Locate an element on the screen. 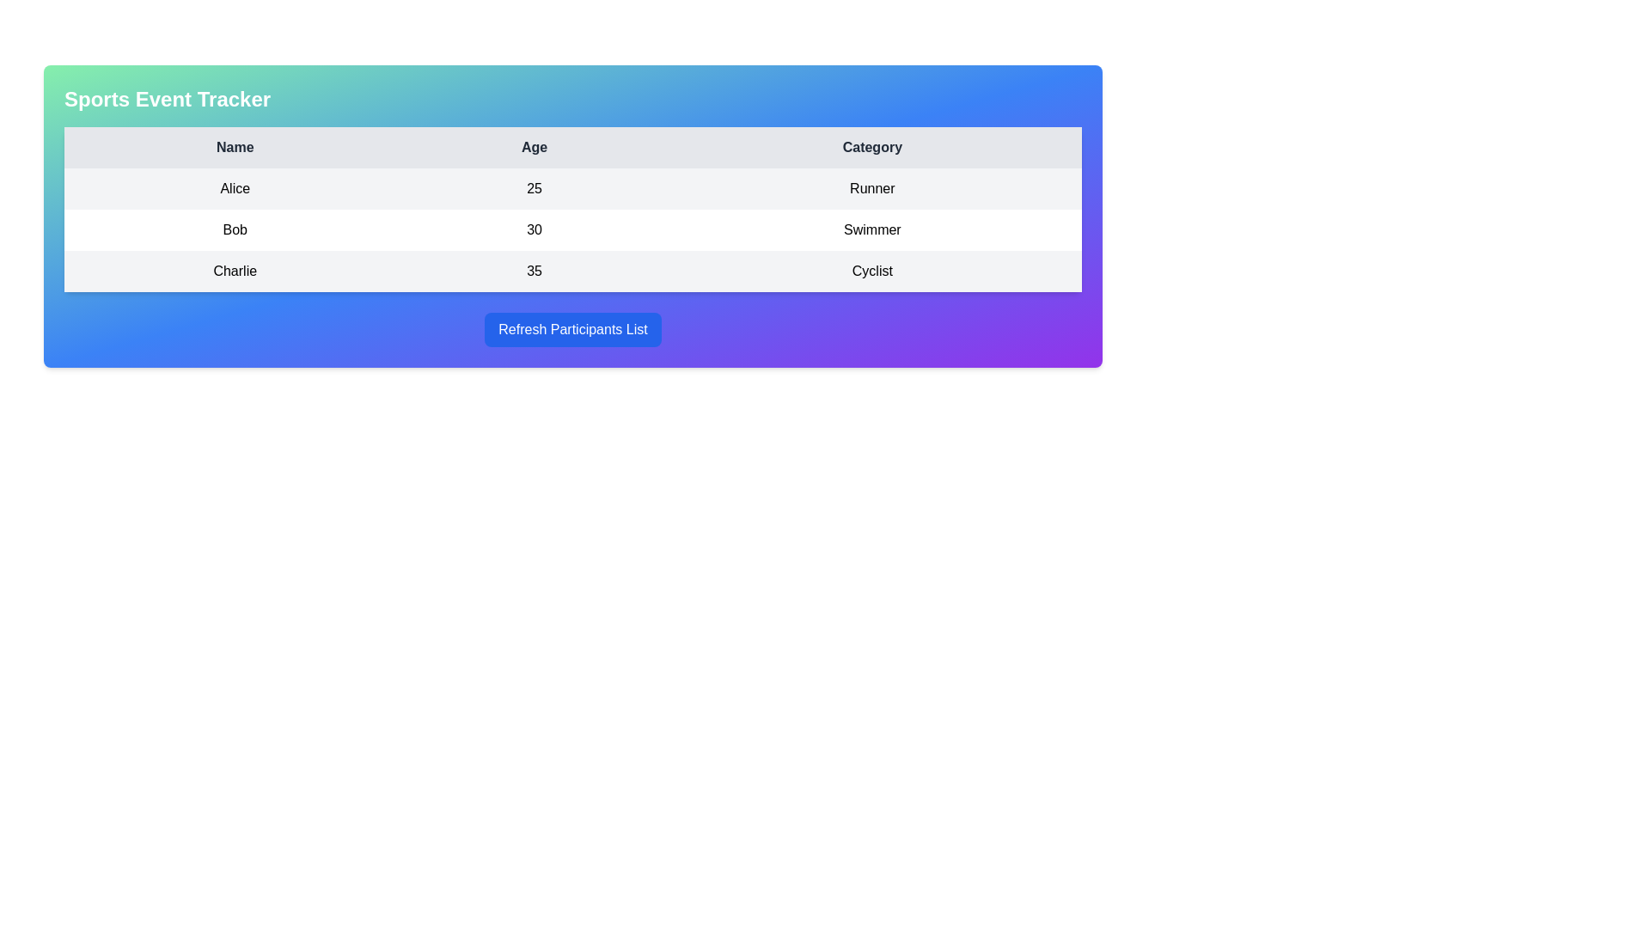  the static text indicating the category of participant 'Charlie', located in the rightmost column of the last row in the participant data table is located at coordinates (872, 271).